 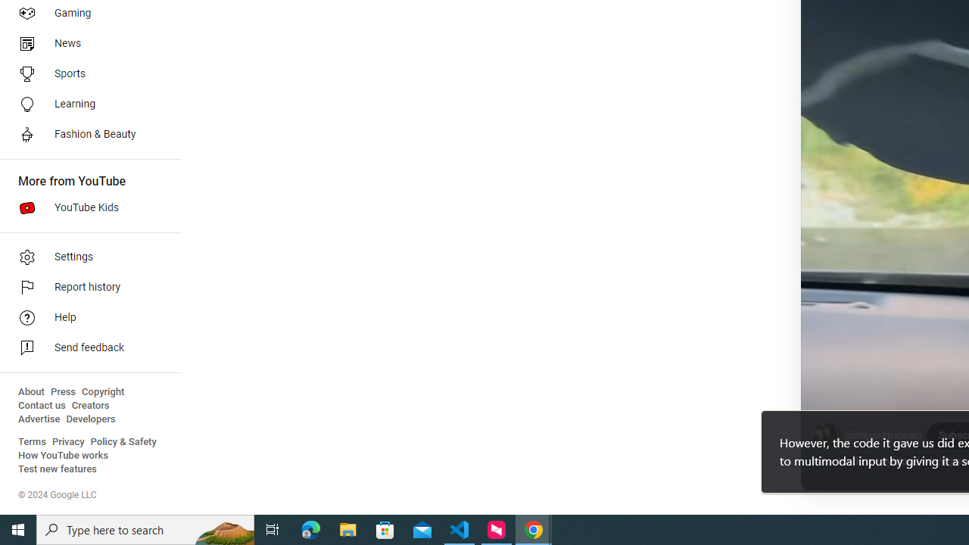 What do you see at coordinates (62, 455) in the screenshot?
I see `'How YouTube works'` at bounding box center [62, 455].